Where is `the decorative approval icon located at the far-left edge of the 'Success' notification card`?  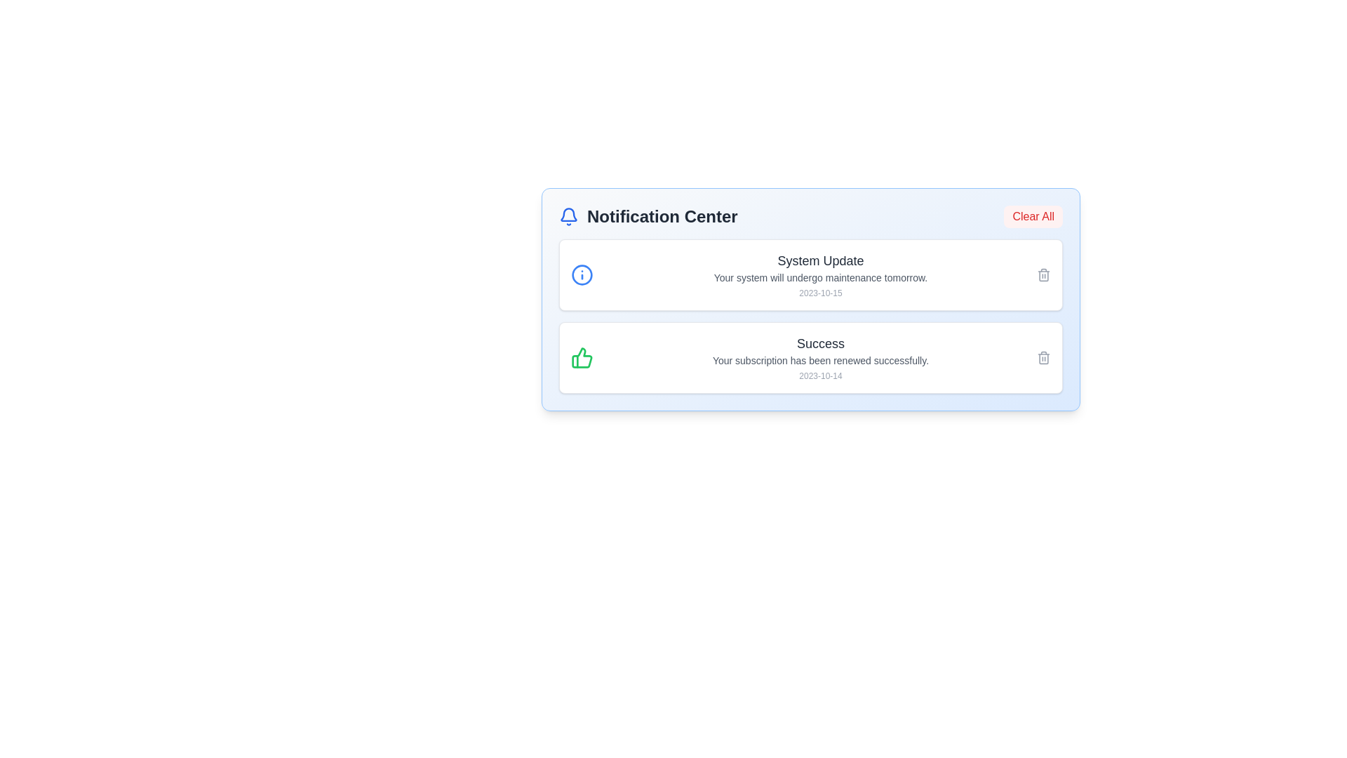 the decorative approval icon located at the far-left edge of the 'Success' notification card is located at coordinates (582, 357).